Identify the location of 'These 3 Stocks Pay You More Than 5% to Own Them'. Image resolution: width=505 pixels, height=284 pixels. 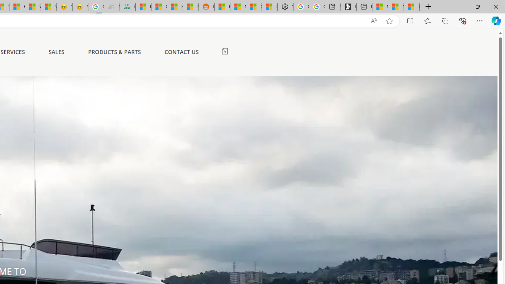
(411, 7).